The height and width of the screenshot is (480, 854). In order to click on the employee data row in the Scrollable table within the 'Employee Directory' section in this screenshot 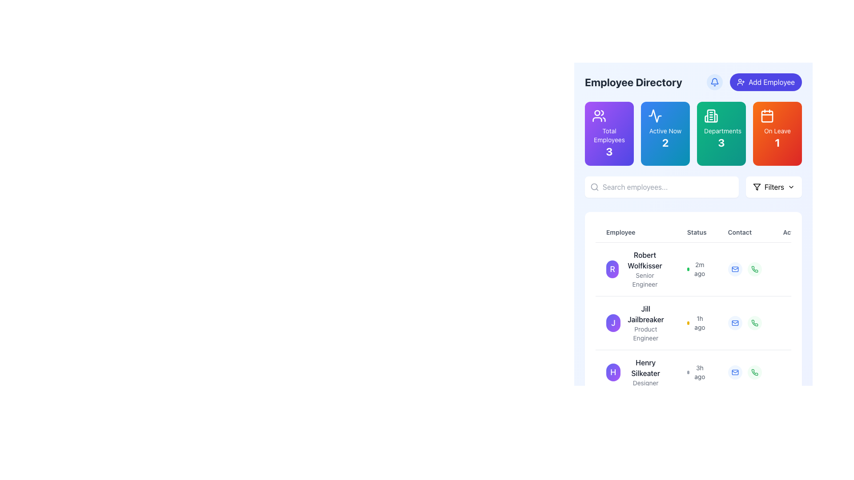, I will do `click(693, 308)`.